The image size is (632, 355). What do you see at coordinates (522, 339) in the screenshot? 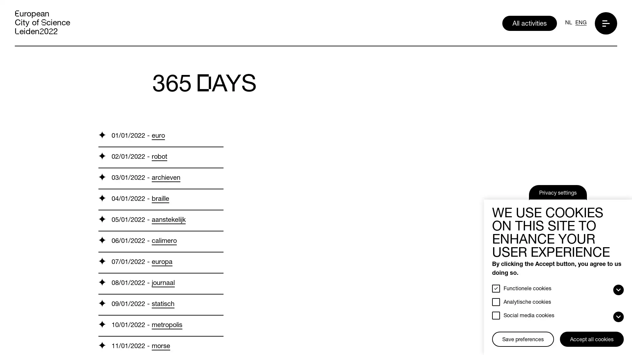
I see `Save preferences` at bounding box center [522, 339].